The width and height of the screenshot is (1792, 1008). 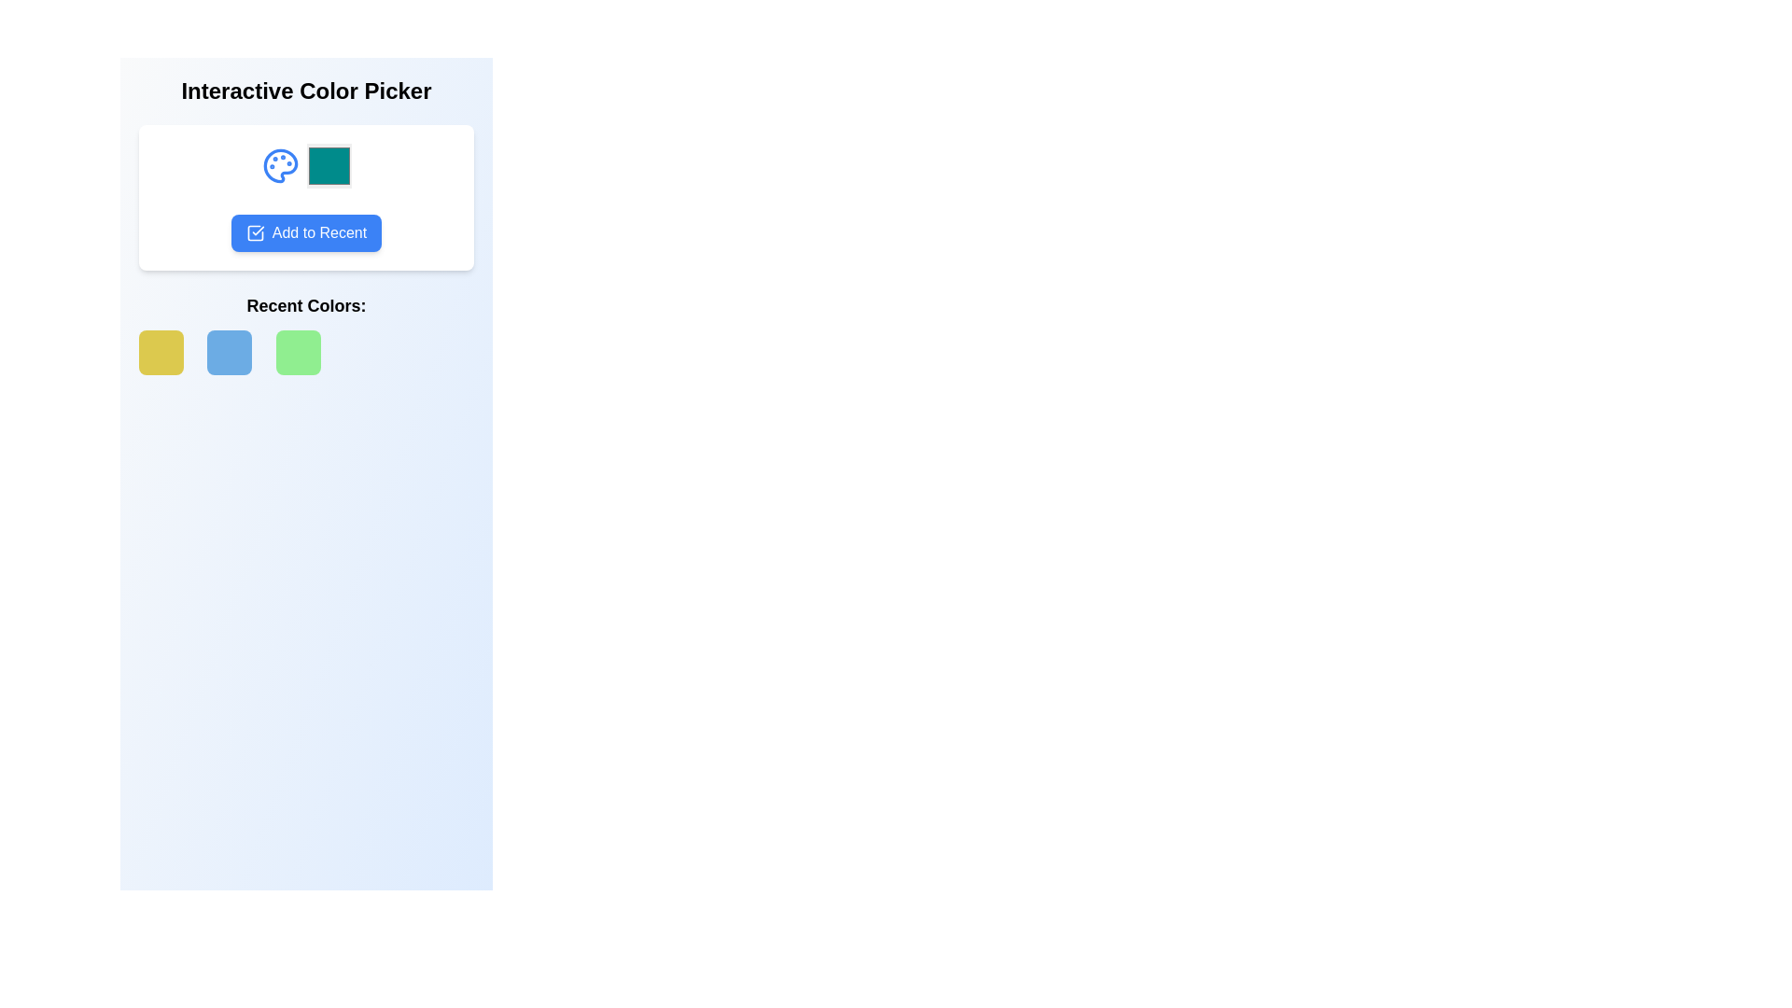 What do you see at coordinates (306, 333) in the screenshot?
I see `the third colored box in the horizontal row beneath 'Recent Colors:'` at bounding box center [306, 333].